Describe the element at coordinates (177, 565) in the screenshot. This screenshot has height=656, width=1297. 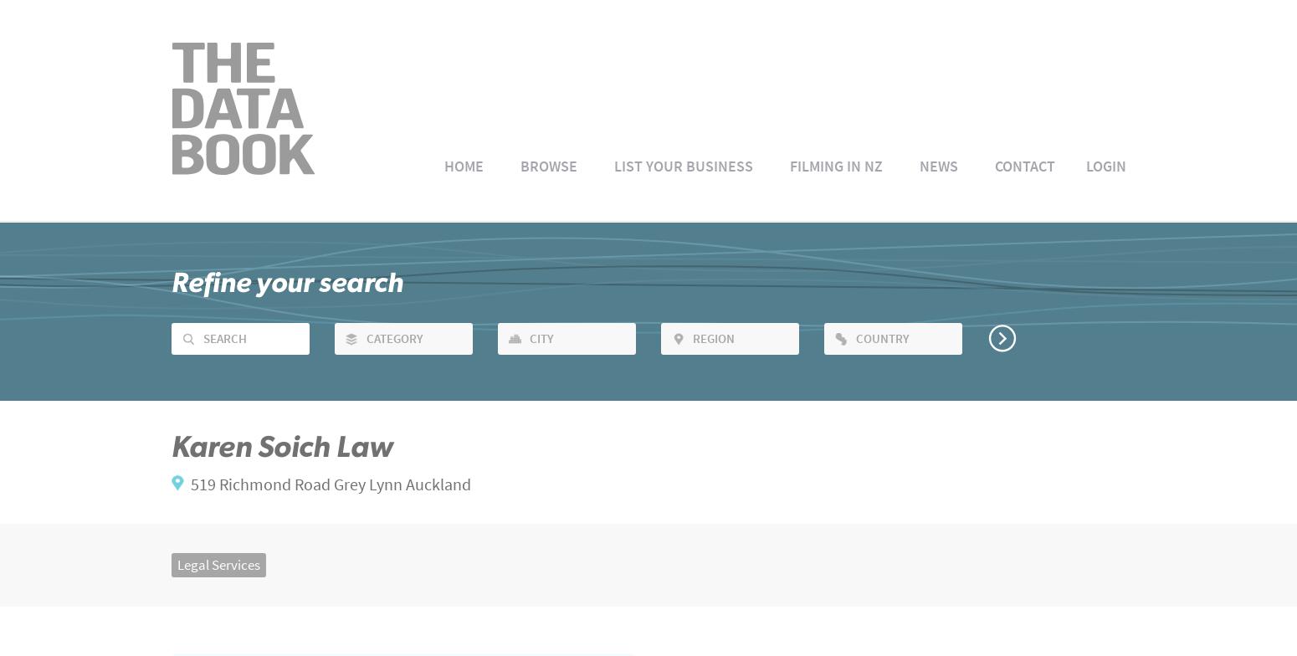
I see `'Legal Services'` at that location.